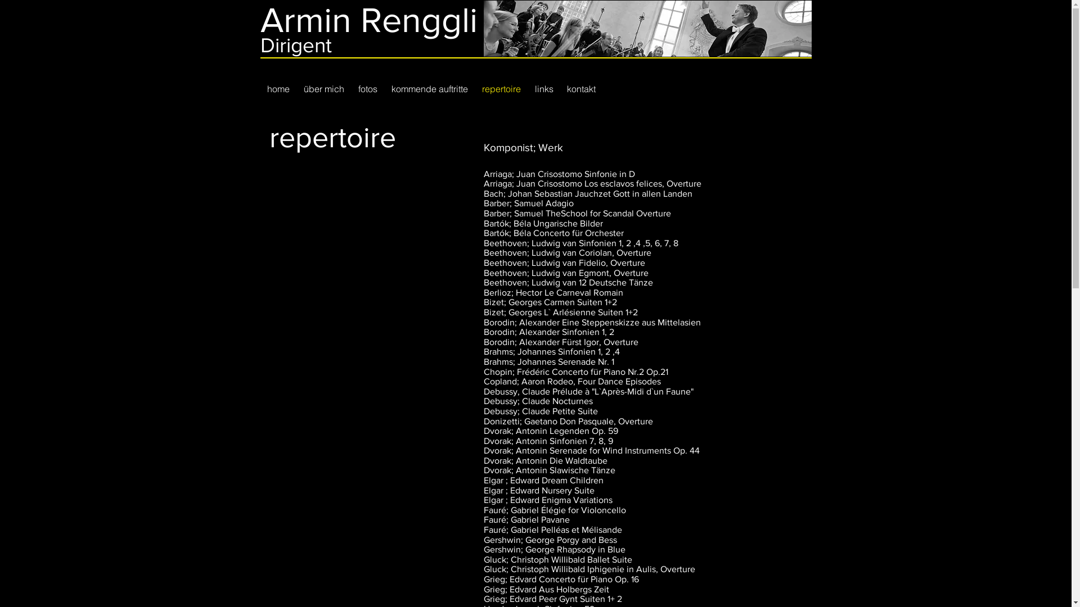 The width and height of the screenshot is (1080, 607). I want to click on 'home', so click(278, 88).